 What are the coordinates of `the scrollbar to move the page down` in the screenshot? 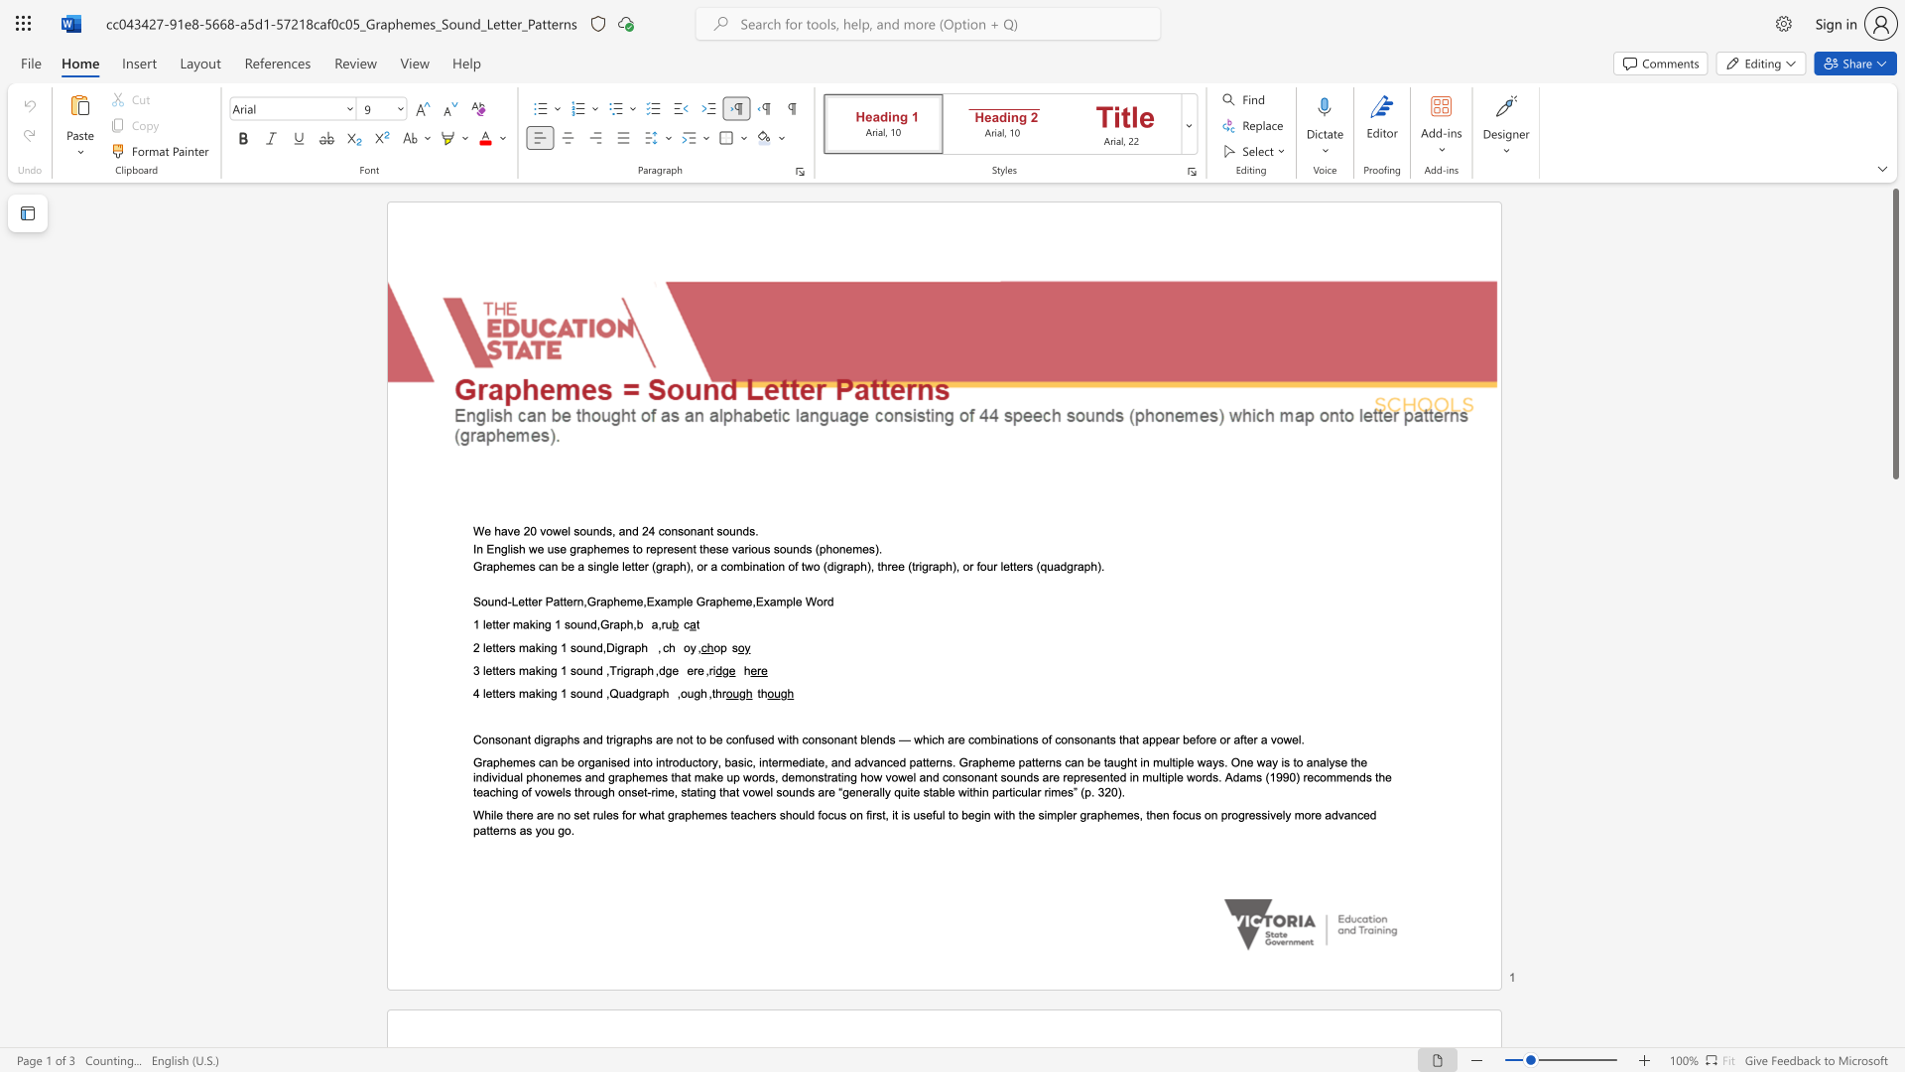 It's located at (1894, 665).